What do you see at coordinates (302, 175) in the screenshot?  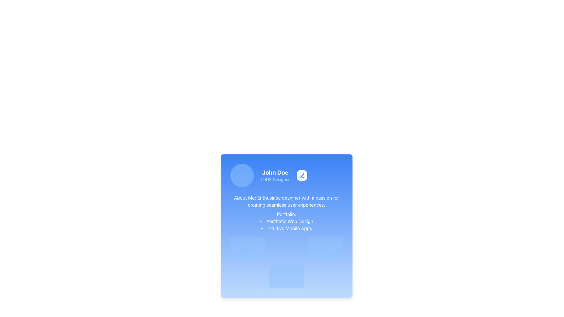 I see `the white rounded rectangle button with a pen icon, located immediately to the right of the text 'John Doe'` at bounding box center [302, 175].